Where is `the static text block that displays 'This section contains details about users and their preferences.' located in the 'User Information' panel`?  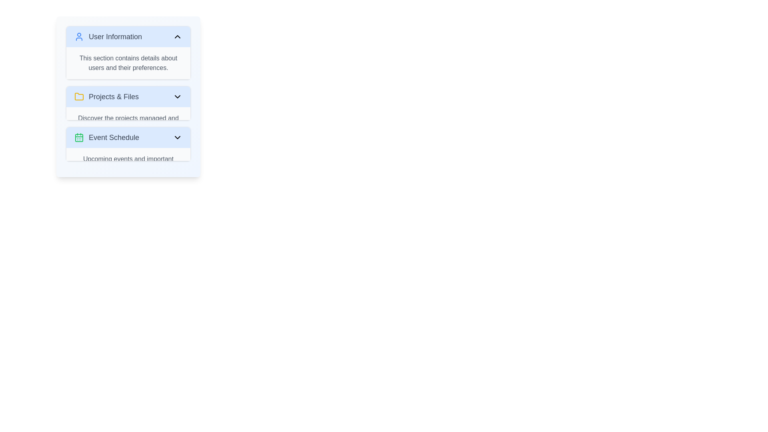
the static text block that displays 'This section contains details about users and their preferences.' located in the 'User Information' panel is located at coordinates (128, 63).